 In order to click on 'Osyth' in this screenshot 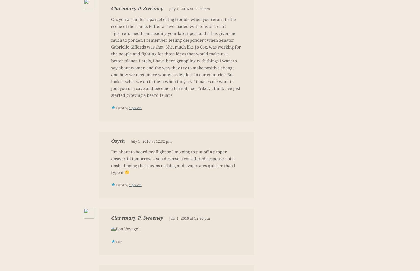, I will do `click(111, 140)`.